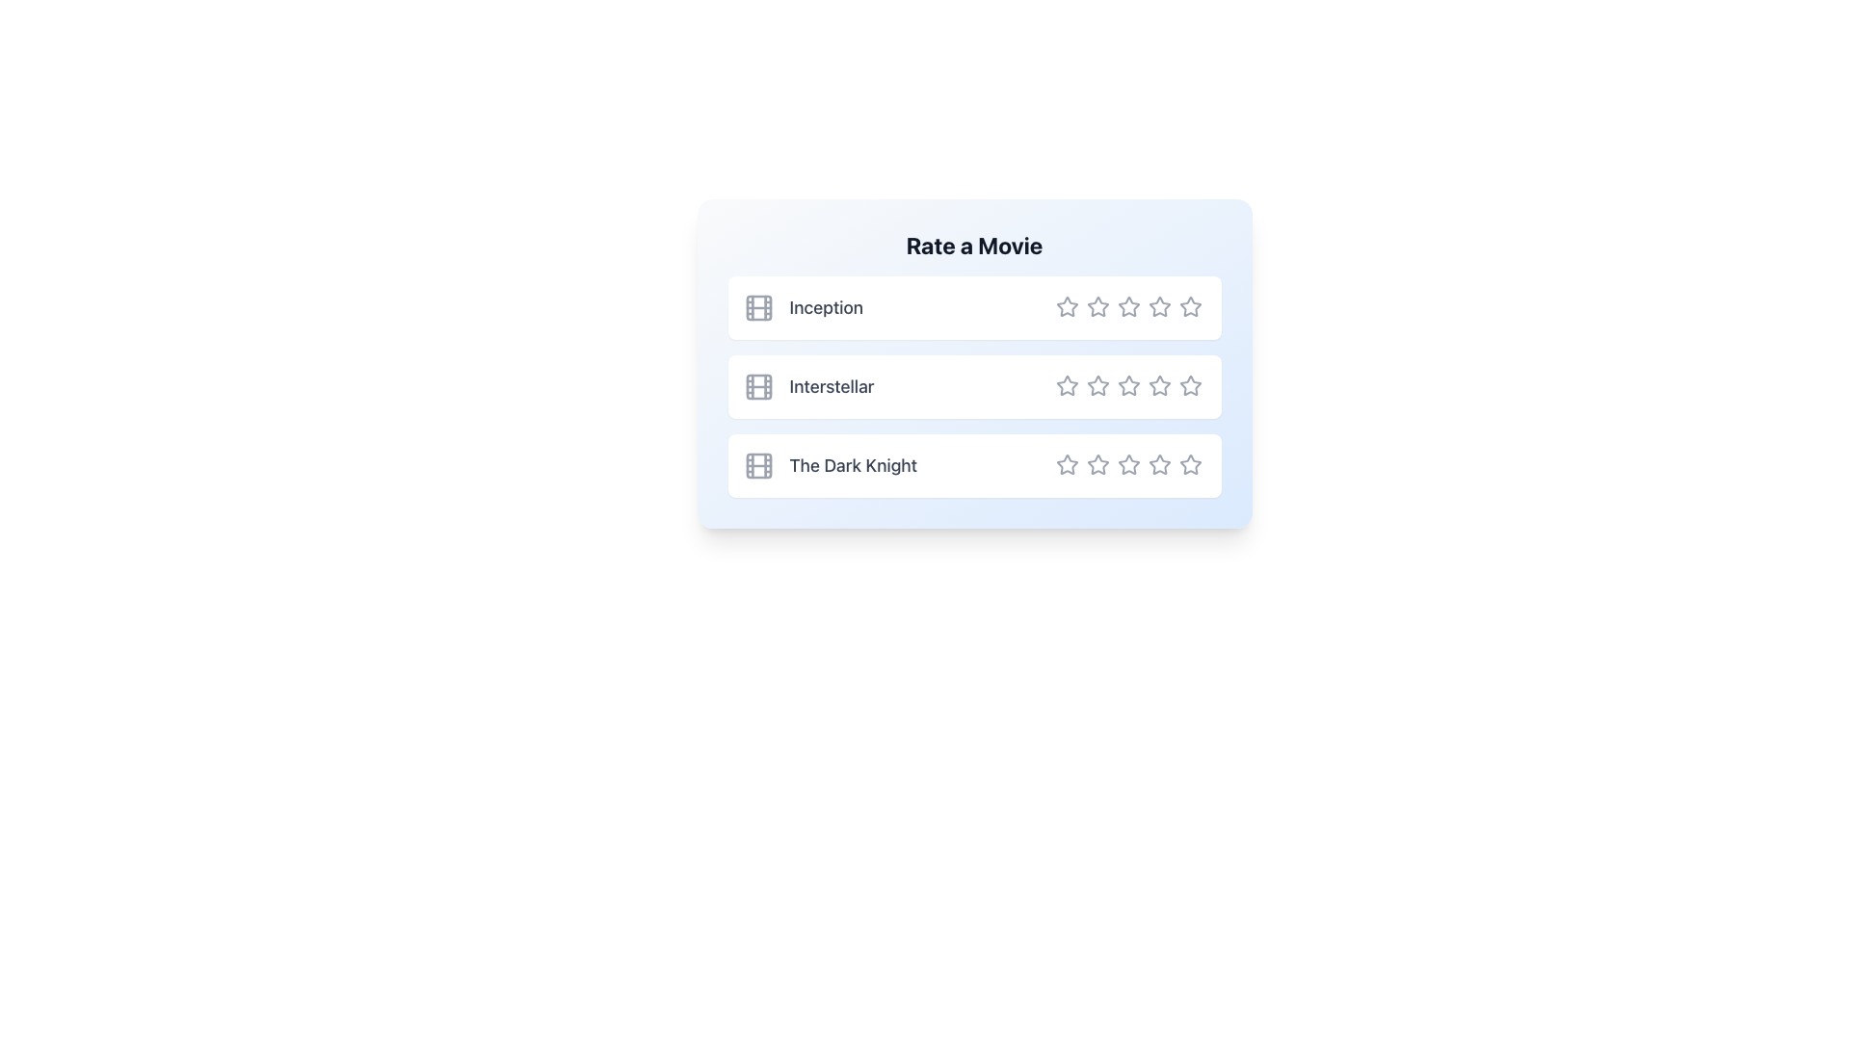 The image size is (1850, 1040). Describe the element at coordinates (1097, 386) in the screenshot. I see `the second rating star for the movie 'Interstellar'` at that location.